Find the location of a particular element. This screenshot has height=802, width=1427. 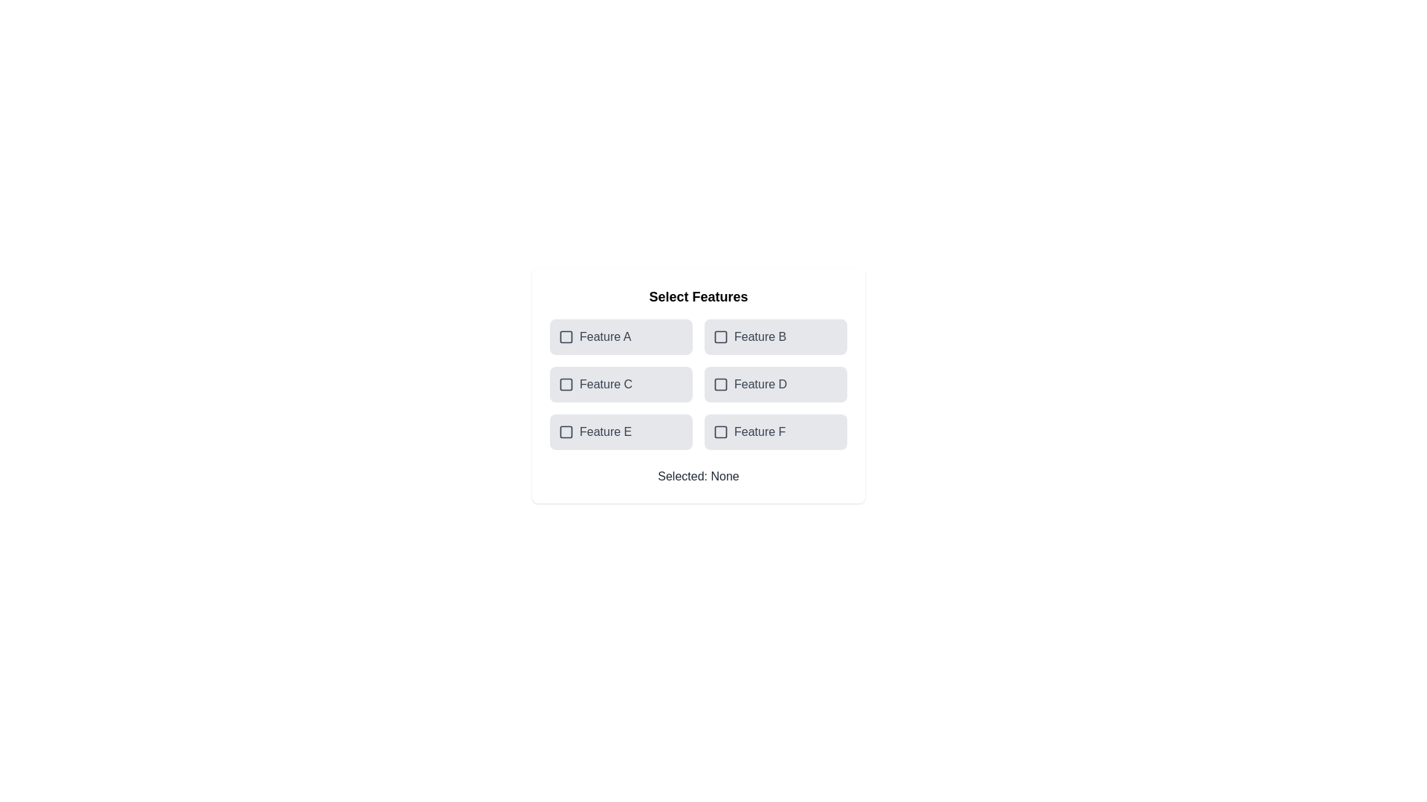

the Checkbox indicator located at the bottom-right corner of the grid associated with 'Feature F' is located at coordinates (720, 432).